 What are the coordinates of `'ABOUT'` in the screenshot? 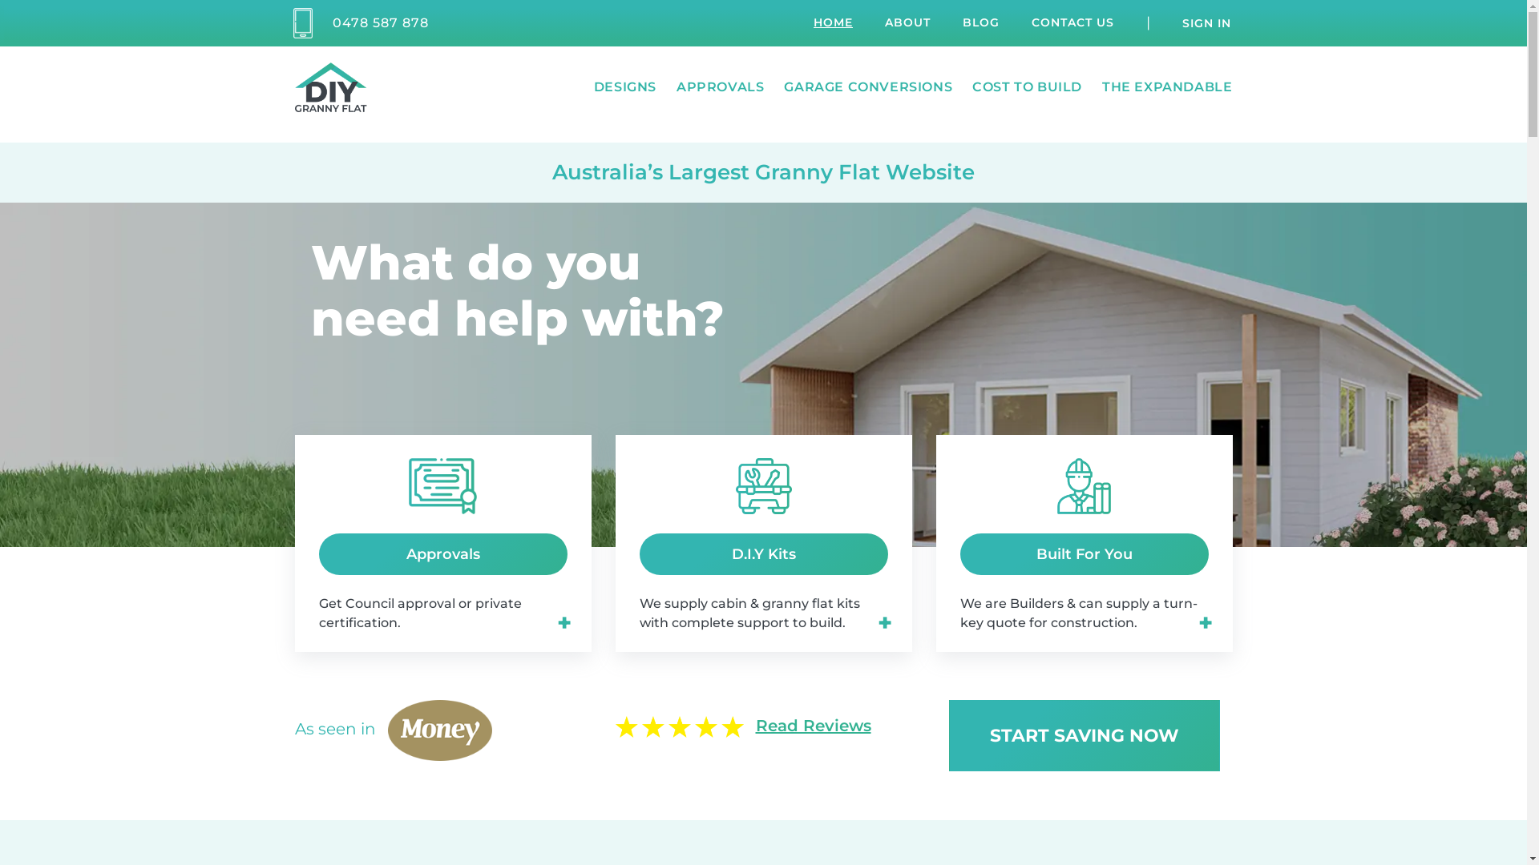 It's located at (907, 22).